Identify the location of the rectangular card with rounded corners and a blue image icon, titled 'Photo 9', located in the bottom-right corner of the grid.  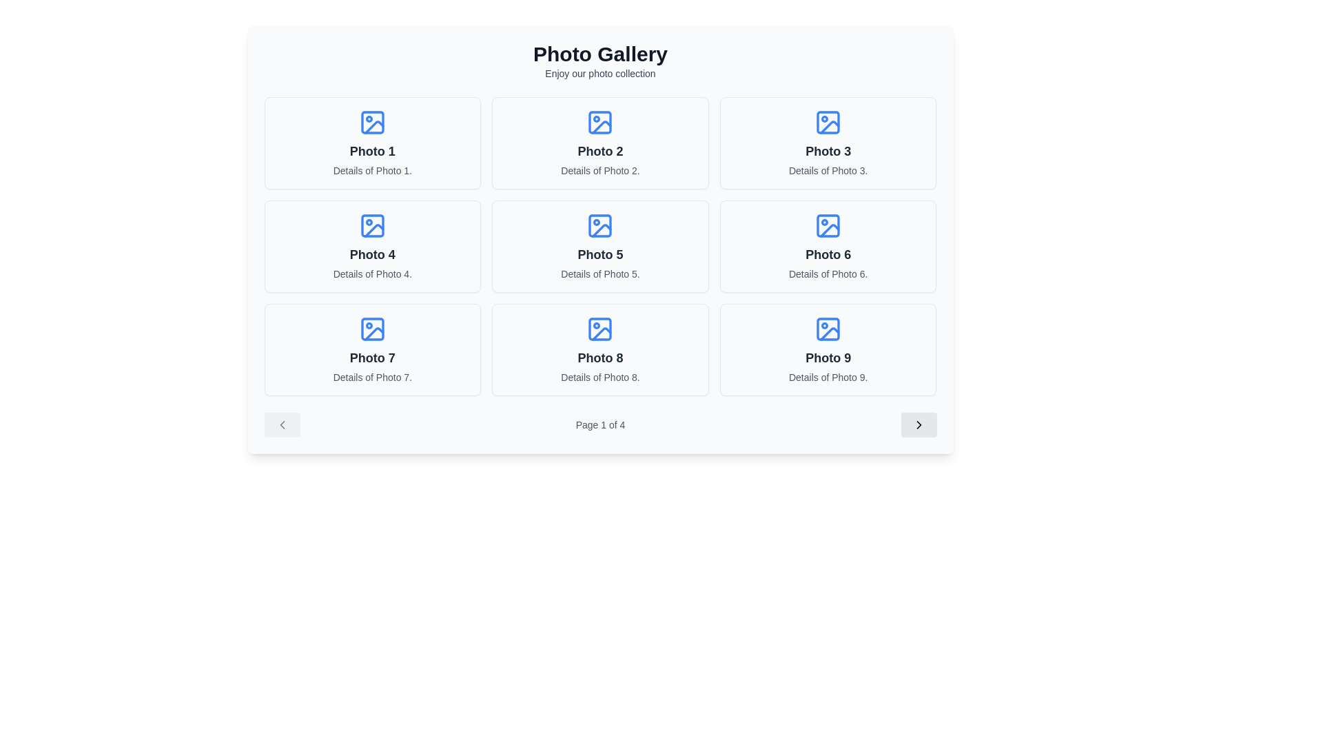
(828, 349).